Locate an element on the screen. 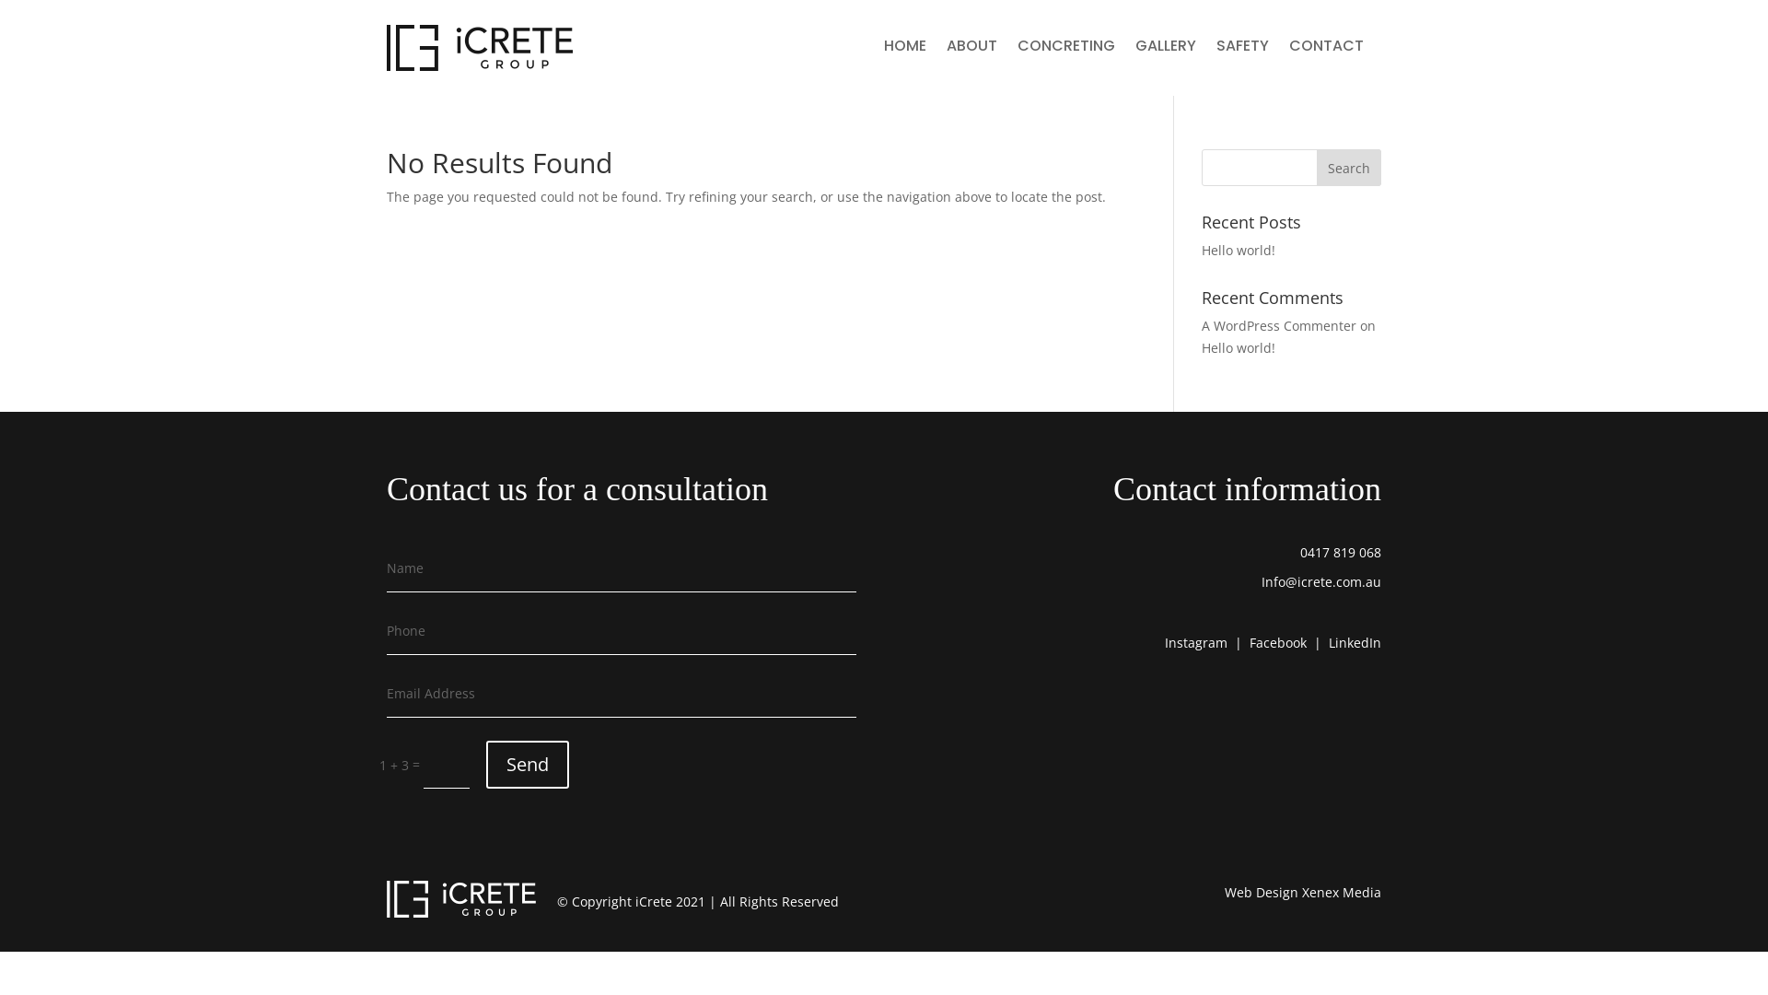 The image size is (1768, 995). 'Instagram' is located at coordinates (1196, 641).